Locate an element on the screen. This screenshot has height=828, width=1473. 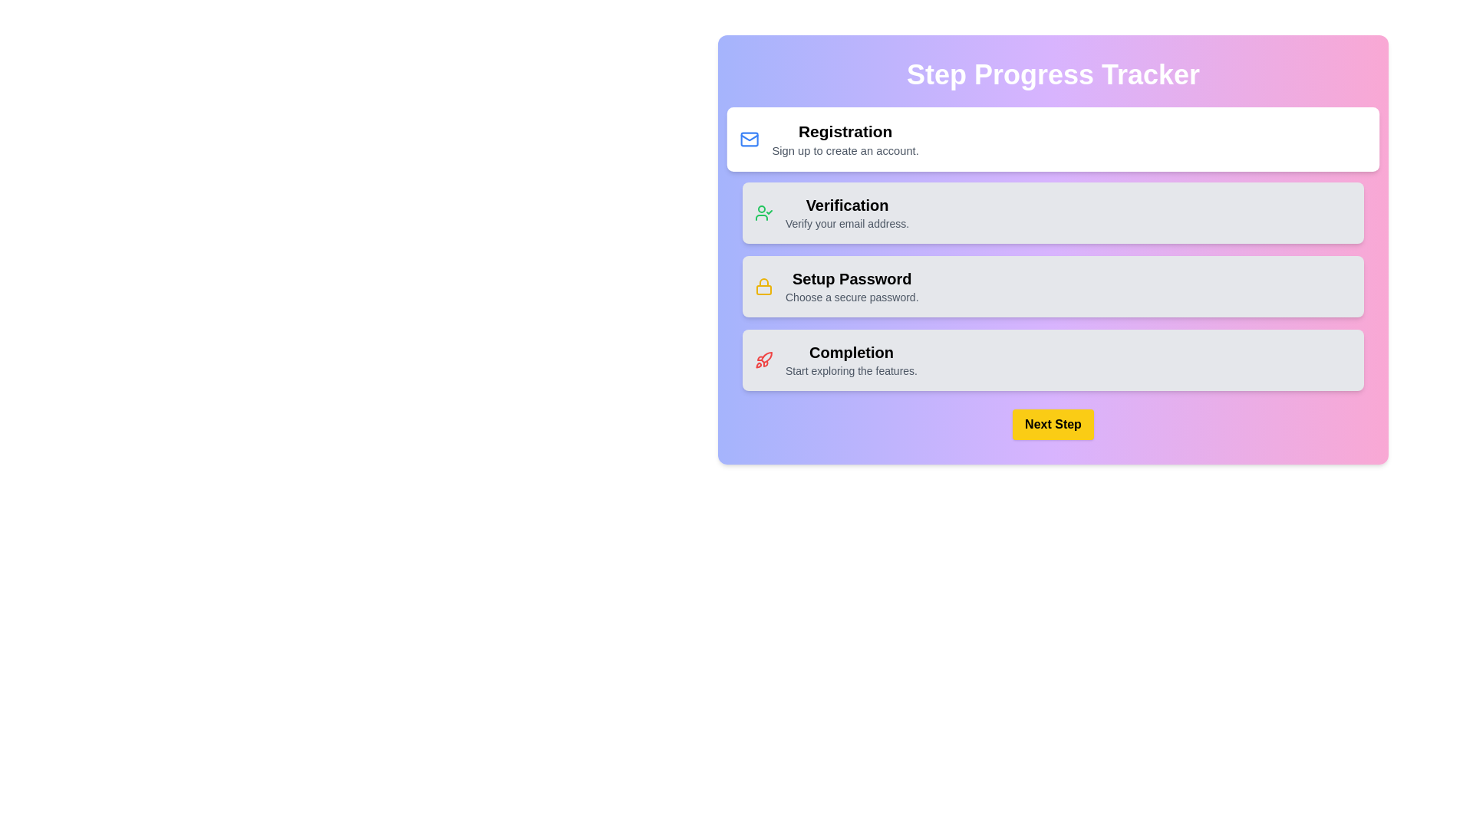
the button located at the bottom of the 'Step Progress Tracker' panel to trigger hover effects is located at coordinates (1052, 425).